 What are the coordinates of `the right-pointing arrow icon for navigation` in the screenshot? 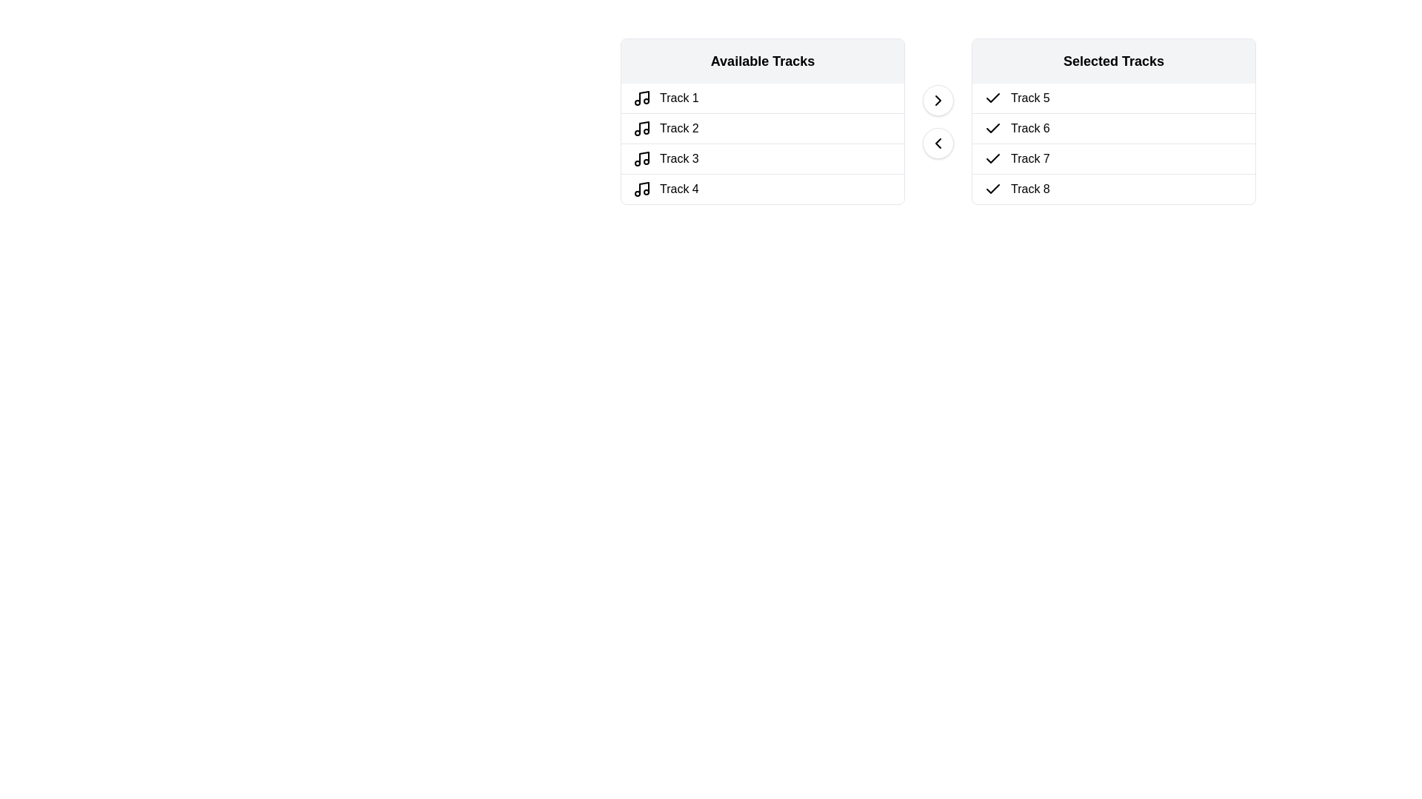 It's located at (938, 100).